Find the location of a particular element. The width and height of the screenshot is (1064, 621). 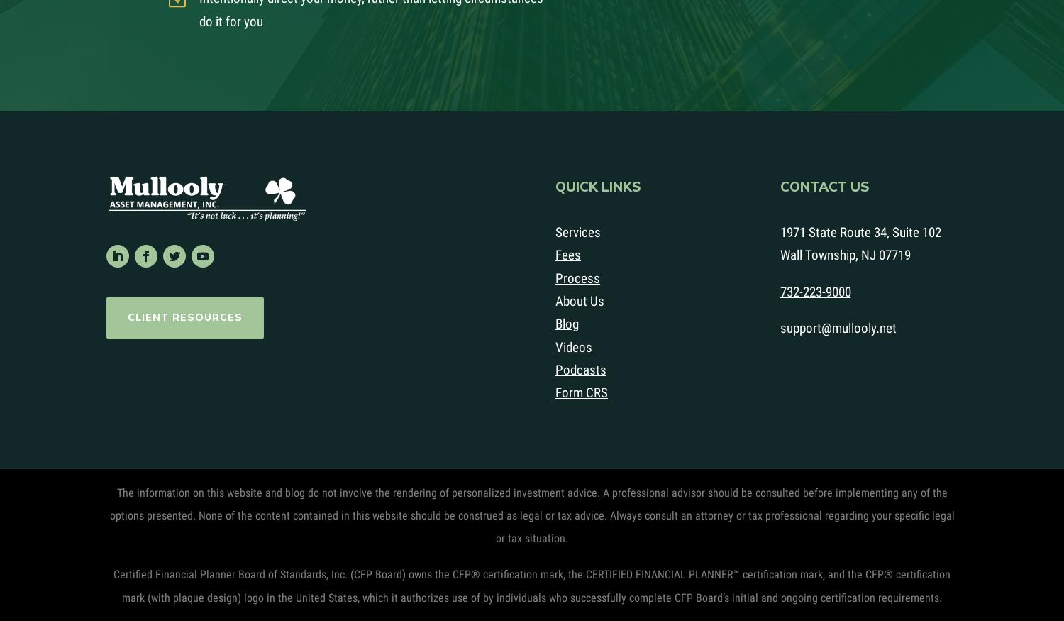

'About Us' is located at coordinates (579, 300).